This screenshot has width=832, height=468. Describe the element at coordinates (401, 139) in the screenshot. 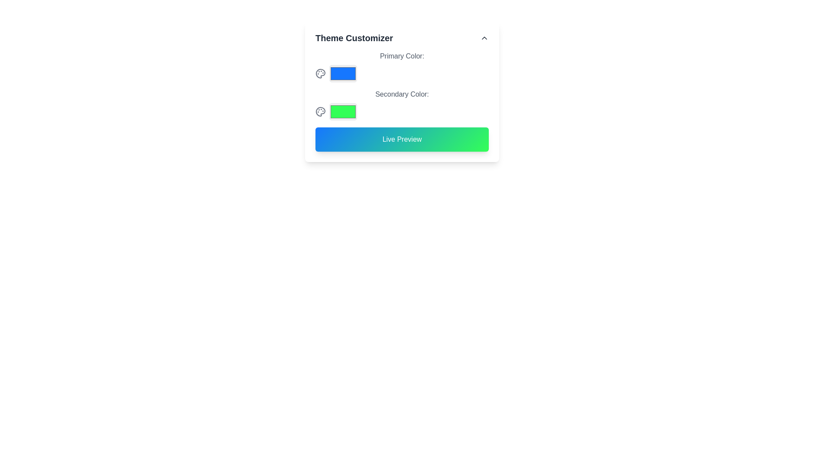

I see `the 'Live Preview' button, which is a rectangular button with a gradient background from blue to green and centered white text` at that location.